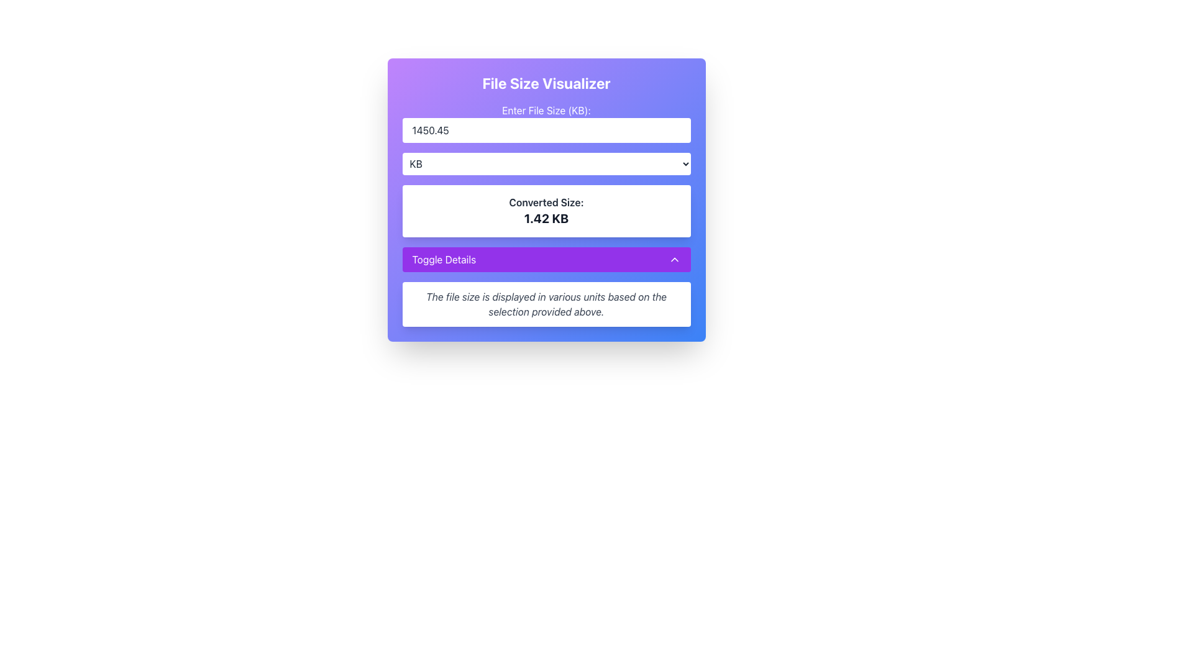 The height and width of the screenshot is (671, 1193). I want to click on the Chevron Up icon located to the far right of the 'Toggle Details' button, so click(674, 258).